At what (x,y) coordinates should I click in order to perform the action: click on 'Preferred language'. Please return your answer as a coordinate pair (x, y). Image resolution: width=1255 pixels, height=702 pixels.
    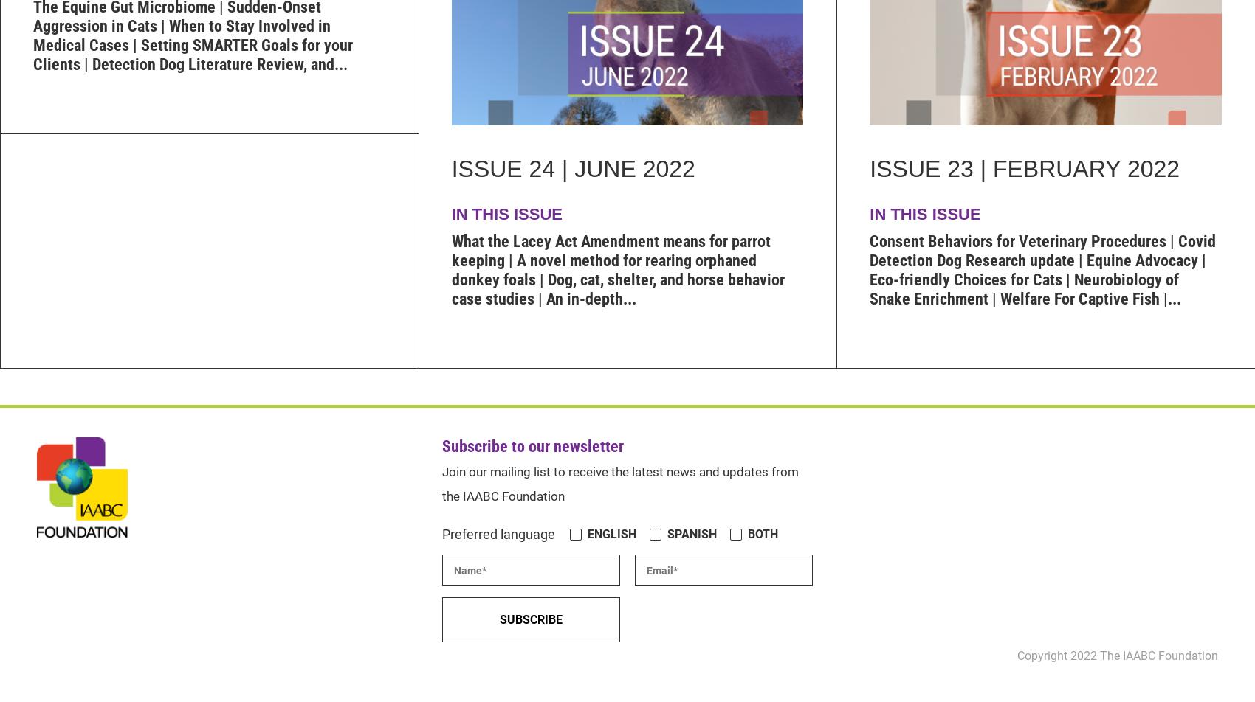
    Looking at the image, I should click on (498, 533).